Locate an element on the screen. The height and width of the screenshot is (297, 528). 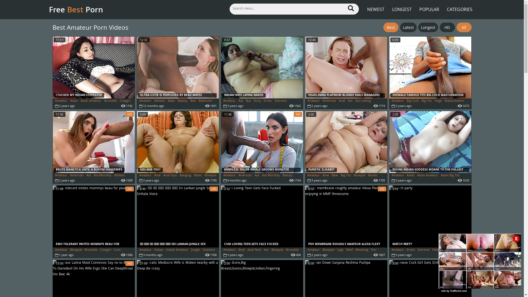
'BRUTE MANSTICK UNTIL A BUXOM HOUSEWIFE' is located at coordinates (53, 142).